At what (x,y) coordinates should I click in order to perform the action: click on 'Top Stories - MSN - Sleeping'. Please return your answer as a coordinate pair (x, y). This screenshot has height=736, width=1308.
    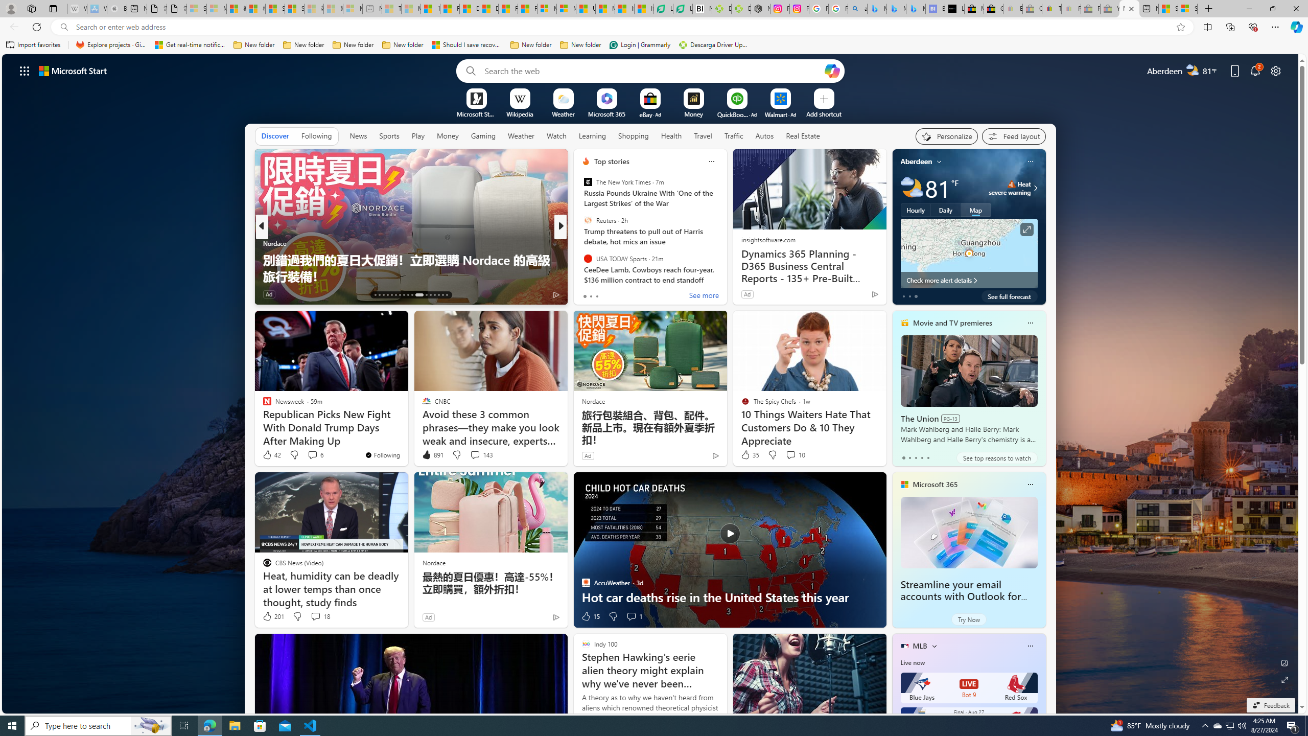
    Looking at the image, I should click on (391, 8).